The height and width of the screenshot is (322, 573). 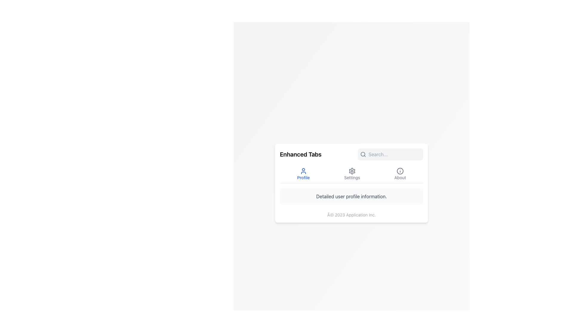 I want to click on the search icon, which is a gray magnifying glass graphic located at the top-right corner of the main interface, to the left of the search input field, so click(x=363, y=154).